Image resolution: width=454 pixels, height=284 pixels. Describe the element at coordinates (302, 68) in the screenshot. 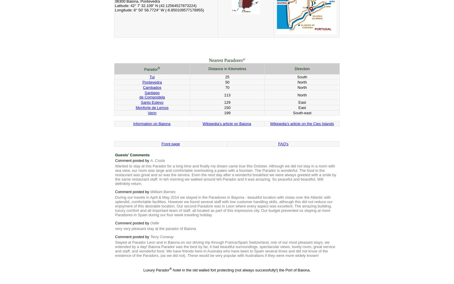

I see `'Direction'` at that location.